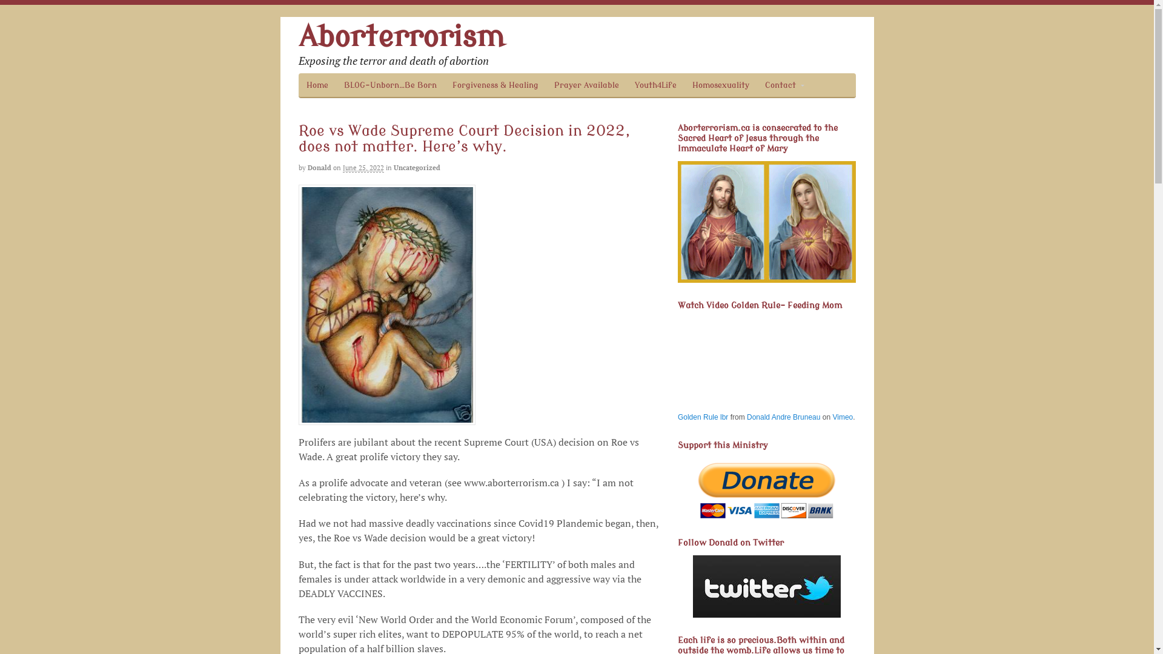  I want to click on 'Vimeo', so click(842, 417).